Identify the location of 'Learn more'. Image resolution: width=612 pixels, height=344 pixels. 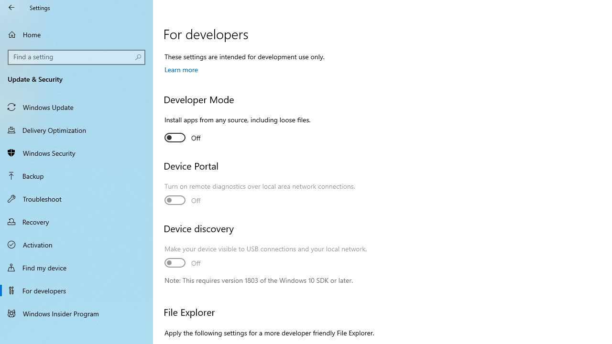
(181, 69).